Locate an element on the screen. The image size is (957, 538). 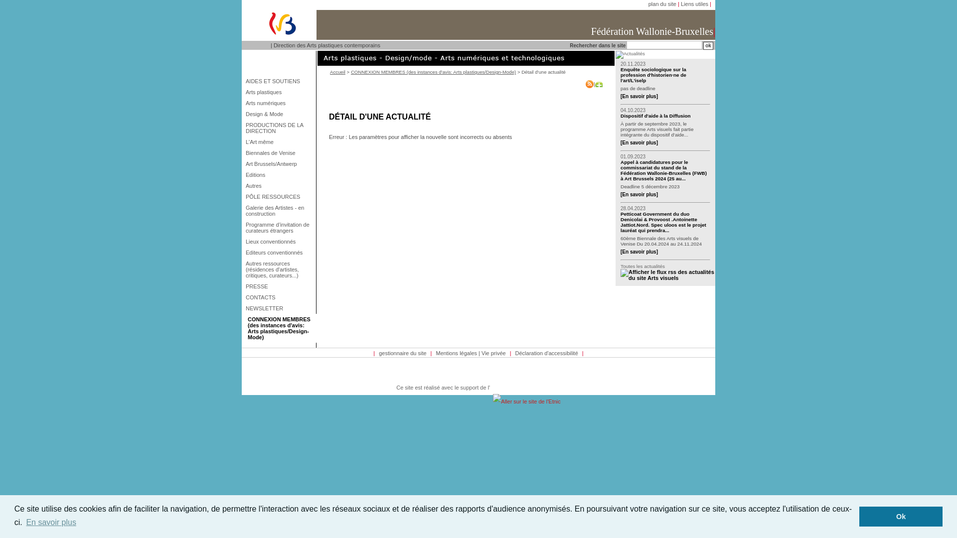
'Biennales de Venise' is located at coordinates (244, 153).